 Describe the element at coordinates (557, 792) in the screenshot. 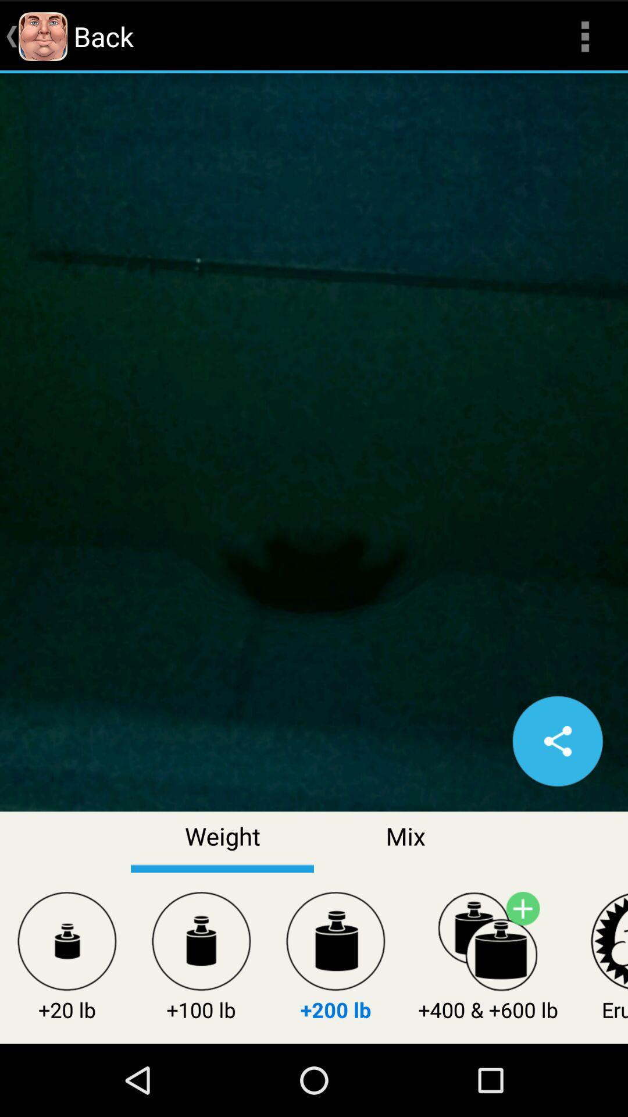

I see `the share icon` at that location.